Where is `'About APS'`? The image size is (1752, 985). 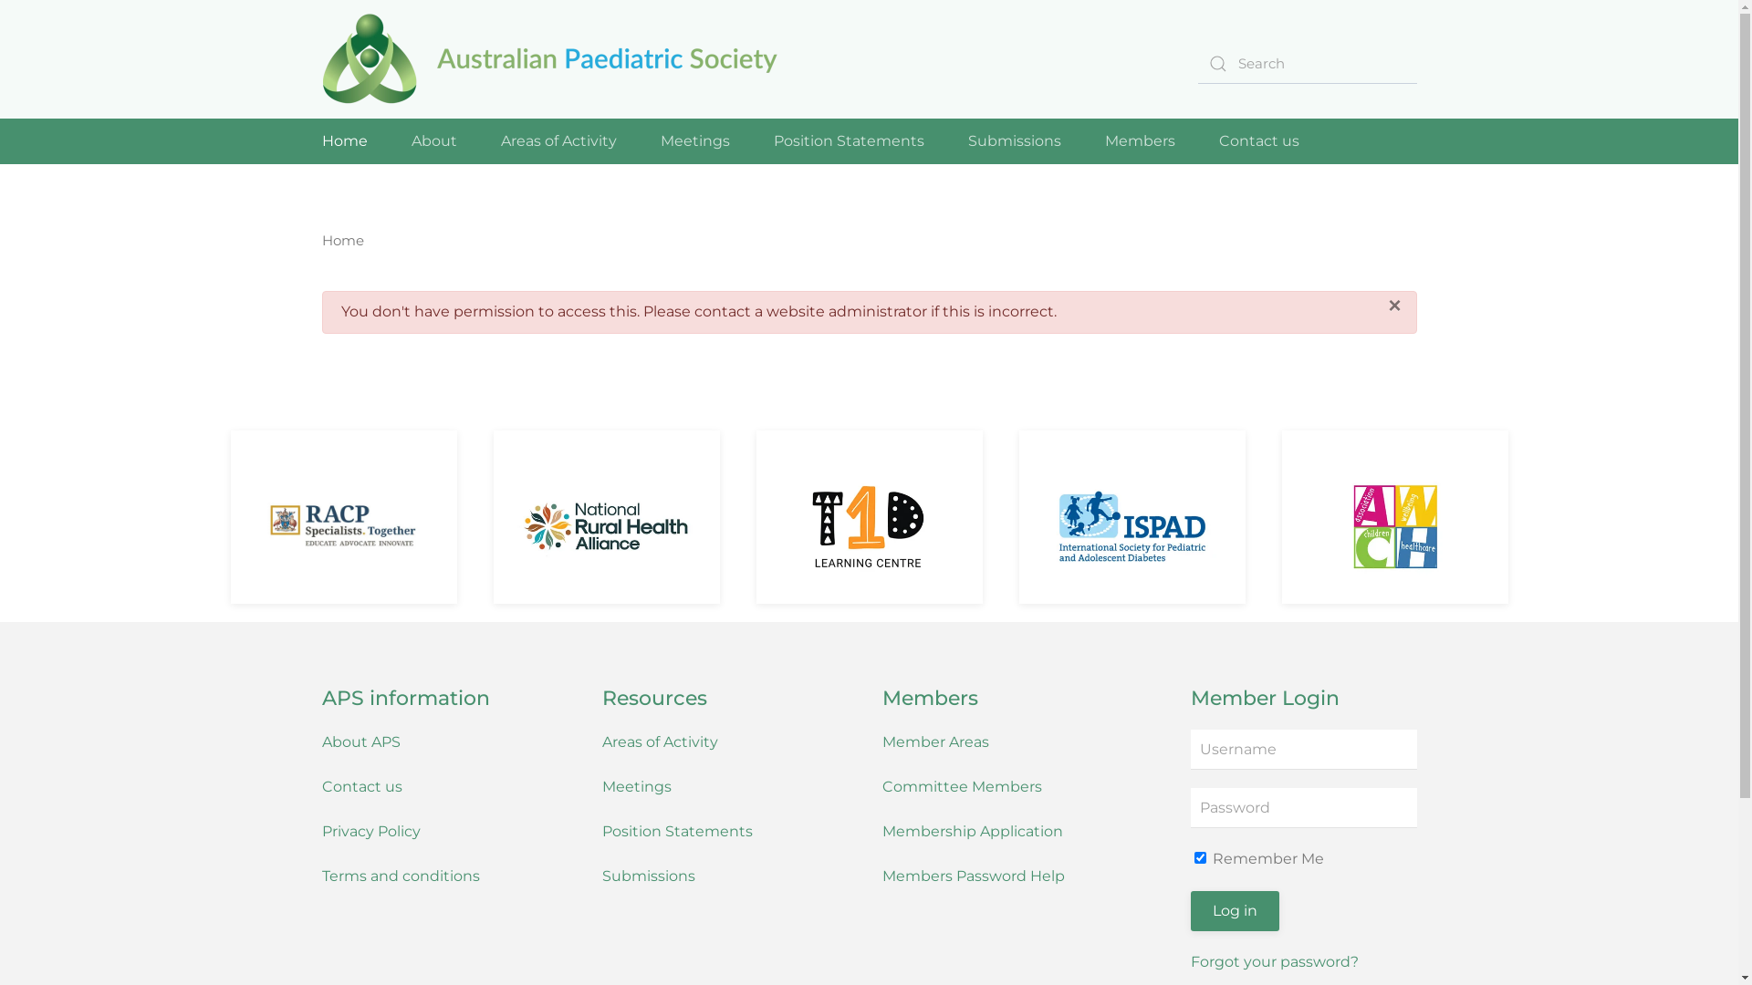
'About APS' is located at coordinates (360, 741).